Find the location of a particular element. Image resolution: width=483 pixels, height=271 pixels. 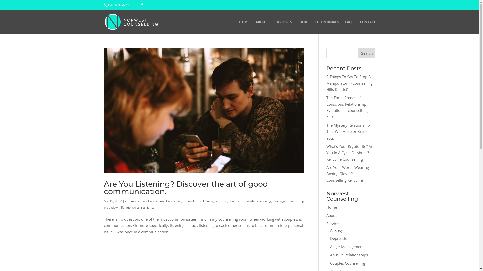

'healthy relationships' is located at coordinates (243, 201).